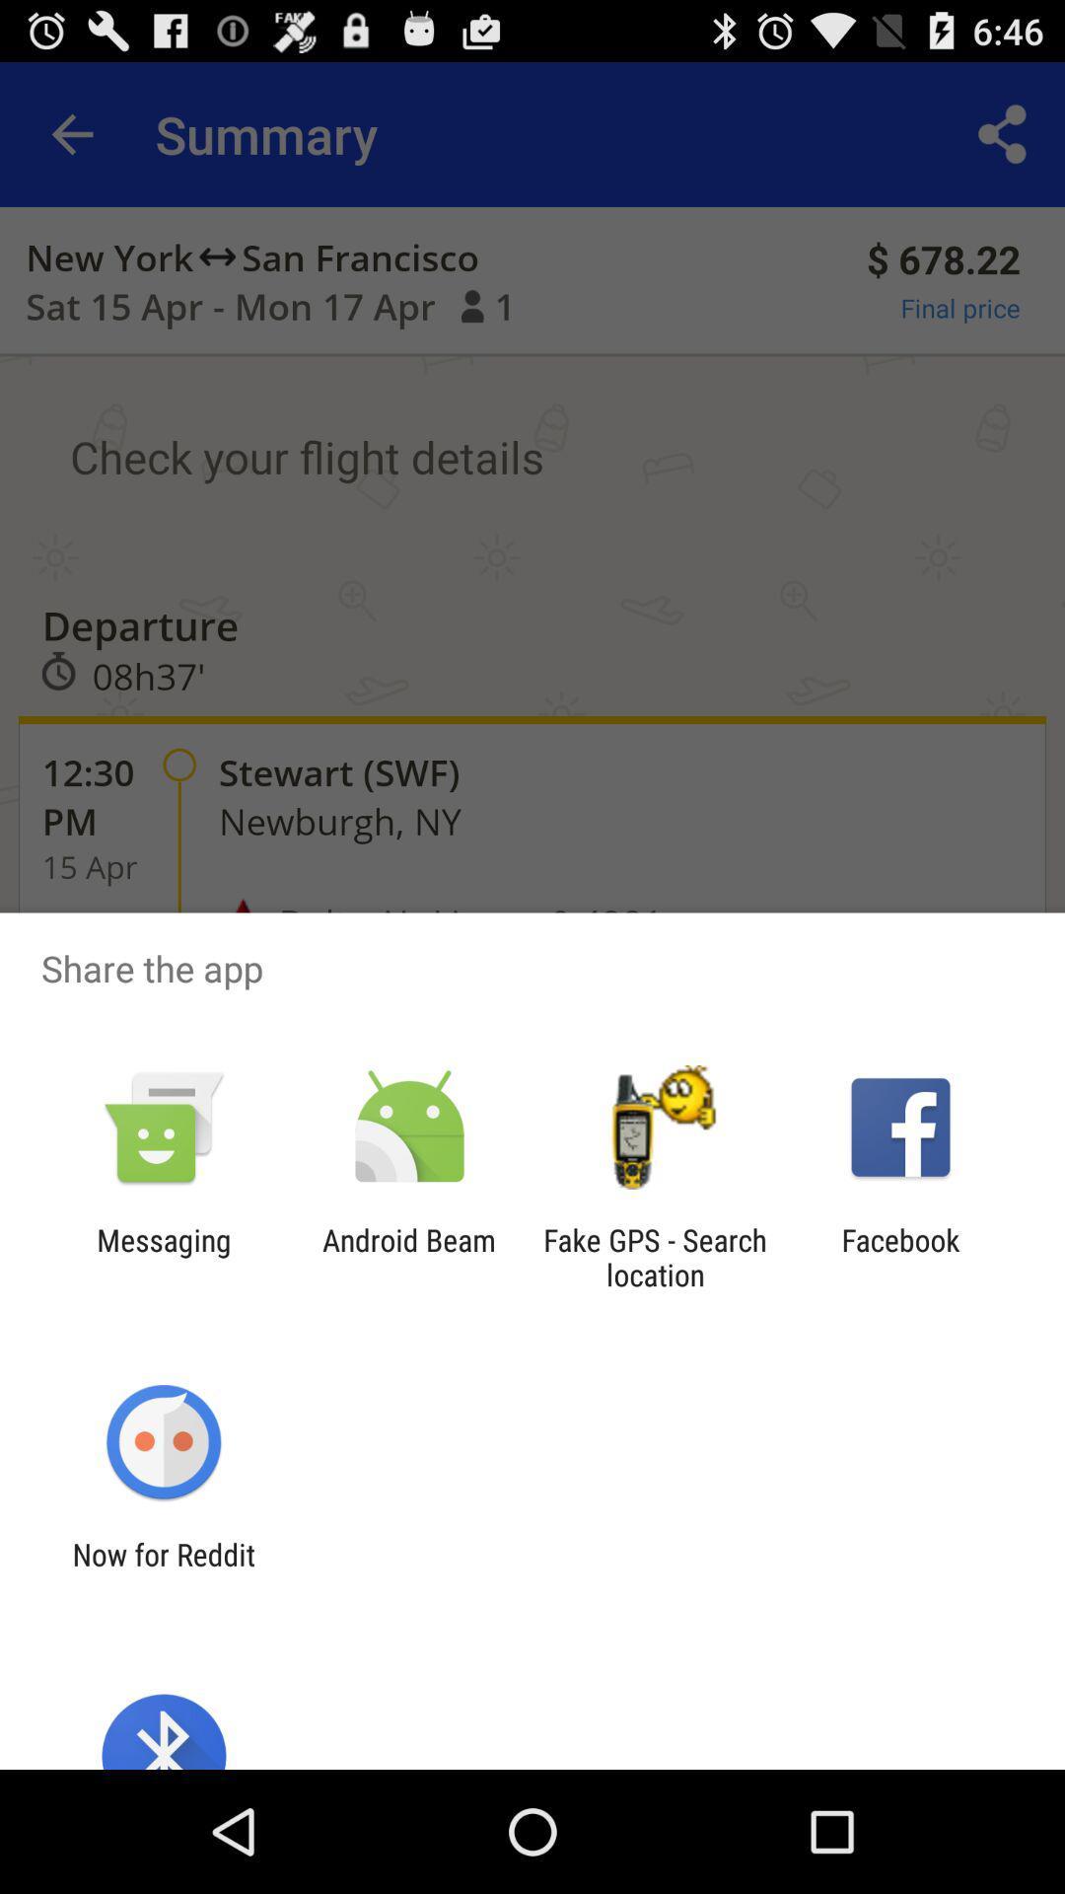 The height and width of the screenshot is (1894, 1065). What do you see at coordinates (163, 1570) in the screenshot?
I see `now for reddit icon` at bounding box center [163, 1570].